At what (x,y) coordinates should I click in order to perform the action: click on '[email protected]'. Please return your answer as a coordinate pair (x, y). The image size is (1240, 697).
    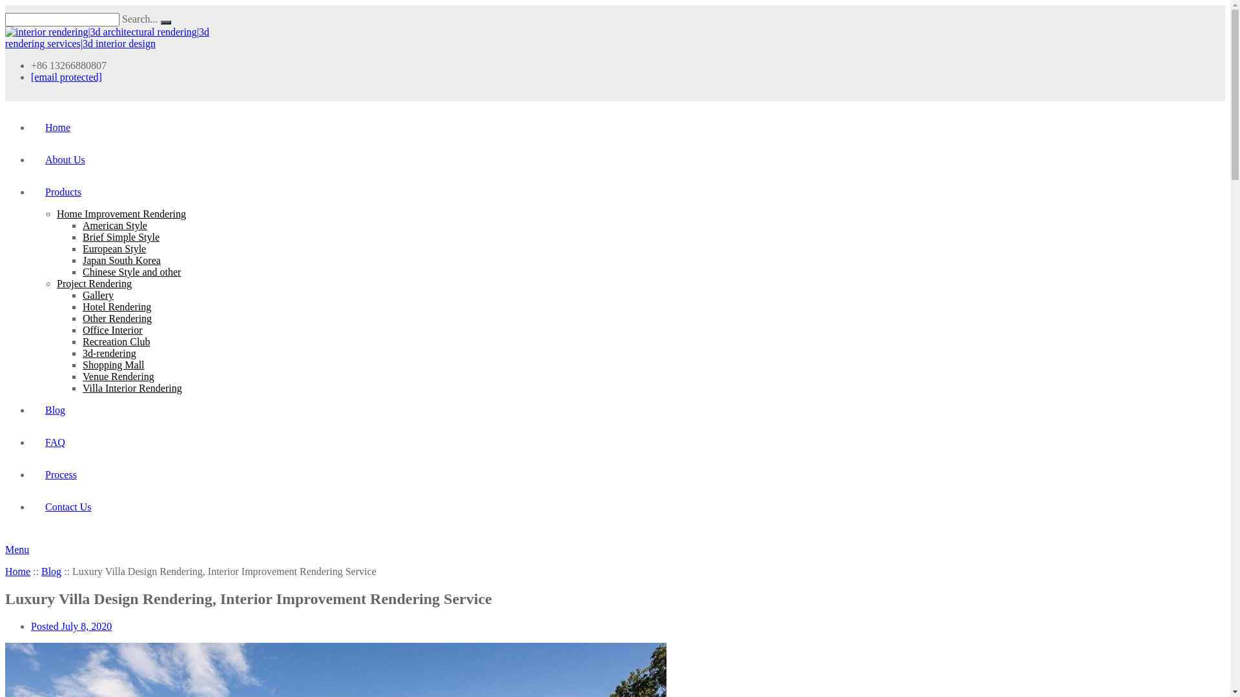
    Looking at the image, I should click on (65, 77).